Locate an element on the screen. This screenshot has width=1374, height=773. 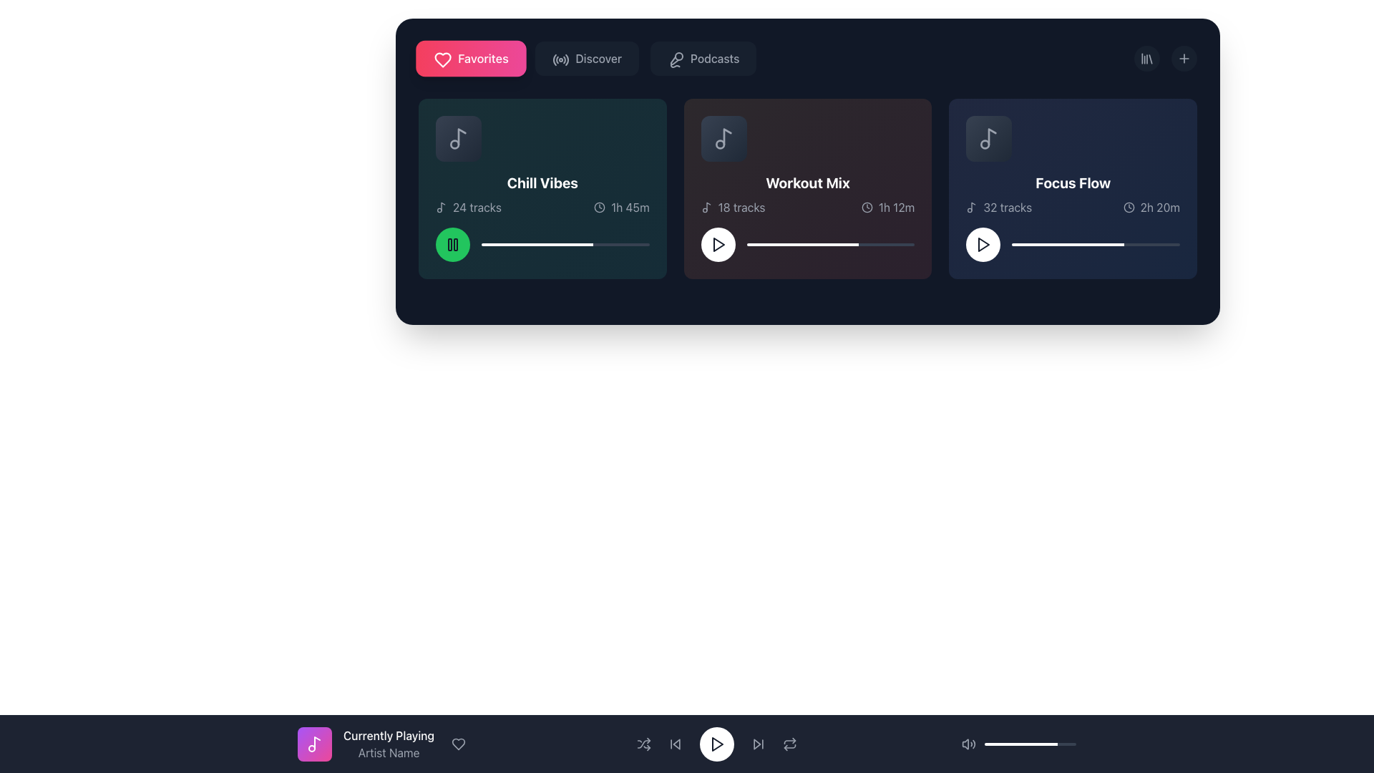
the text label displaying '32 tracks' with an adjacent musical note icon, located in the 'Focus Flow' card in the bottom-left area of the playlist card is located at coordinates (998, 207).